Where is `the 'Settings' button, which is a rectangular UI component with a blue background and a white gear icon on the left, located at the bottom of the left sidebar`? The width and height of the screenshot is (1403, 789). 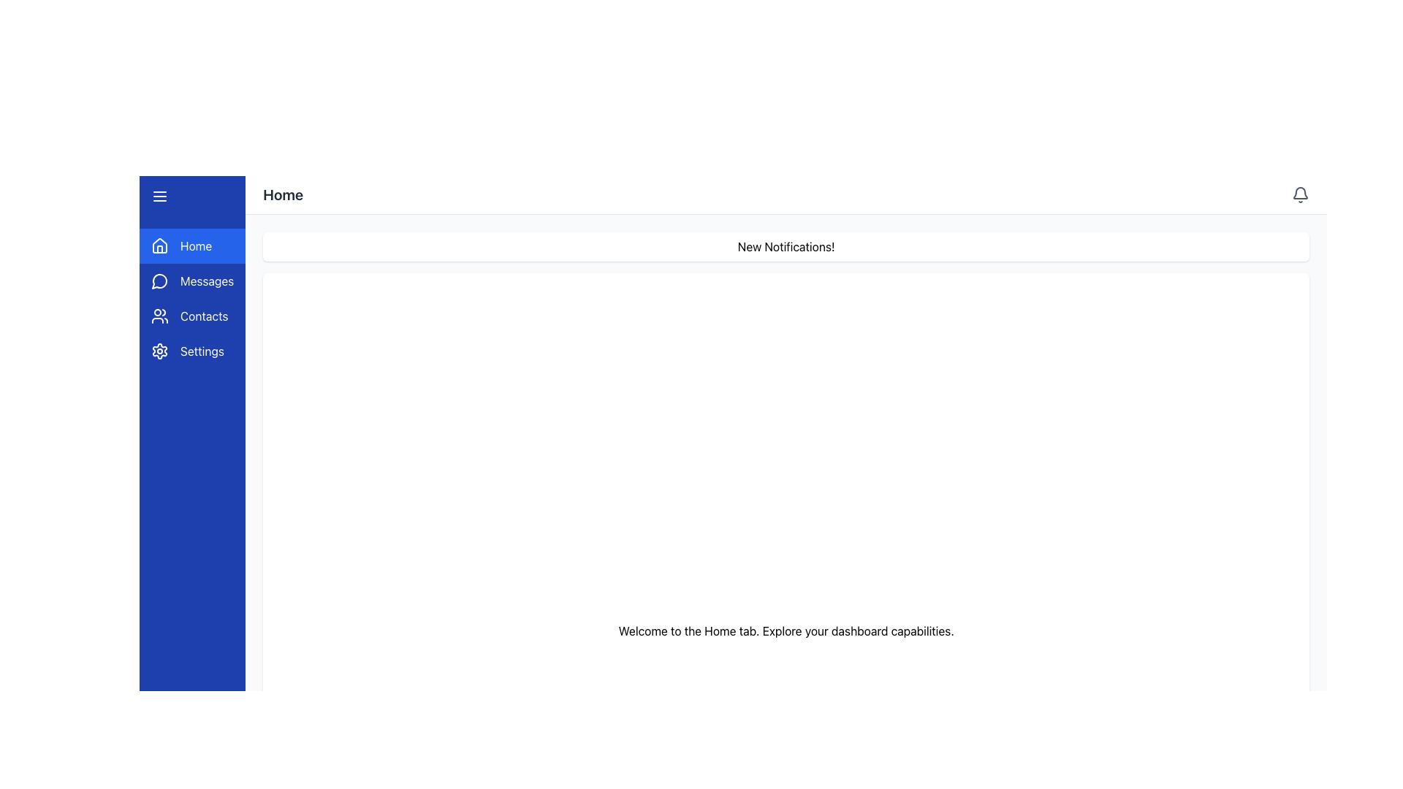 the 'Settings' button, which is a rectangular UI component with a blue background and a white gear icon on the left, located at the bottom of the left sidebar is located at coordinates (191, 351).